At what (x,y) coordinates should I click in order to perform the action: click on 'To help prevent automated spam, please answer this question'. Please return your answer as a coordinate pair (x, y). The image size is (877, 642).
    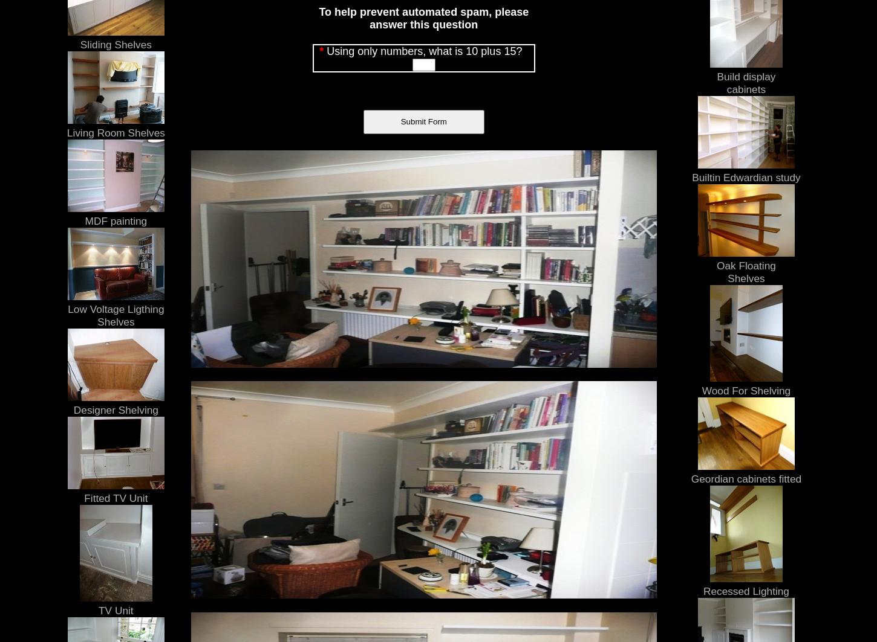
    Looking at the image, I should click on (423, 18).